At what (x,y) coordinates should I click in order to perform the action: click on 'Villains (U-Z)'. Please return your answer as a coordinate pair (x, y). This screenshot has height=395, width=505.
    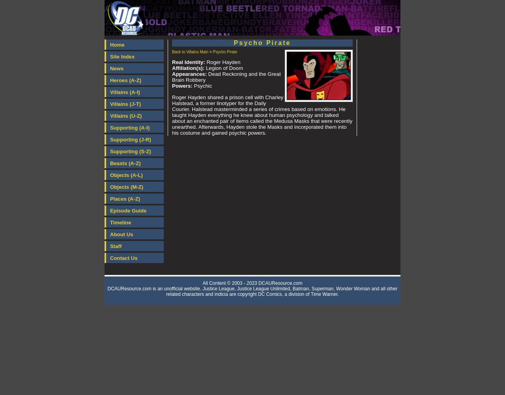
    Looking at the image, I should click on (125, 116).